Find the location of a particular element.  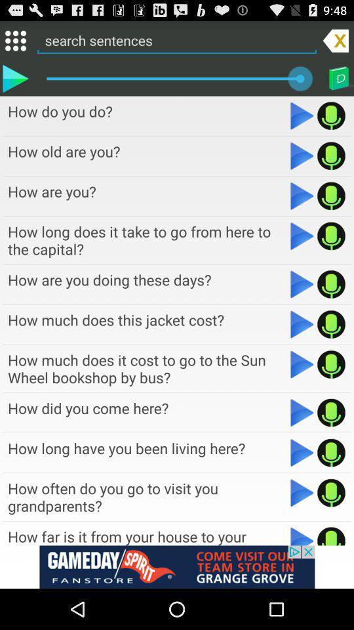

the file is located at coordinates (302, 156).